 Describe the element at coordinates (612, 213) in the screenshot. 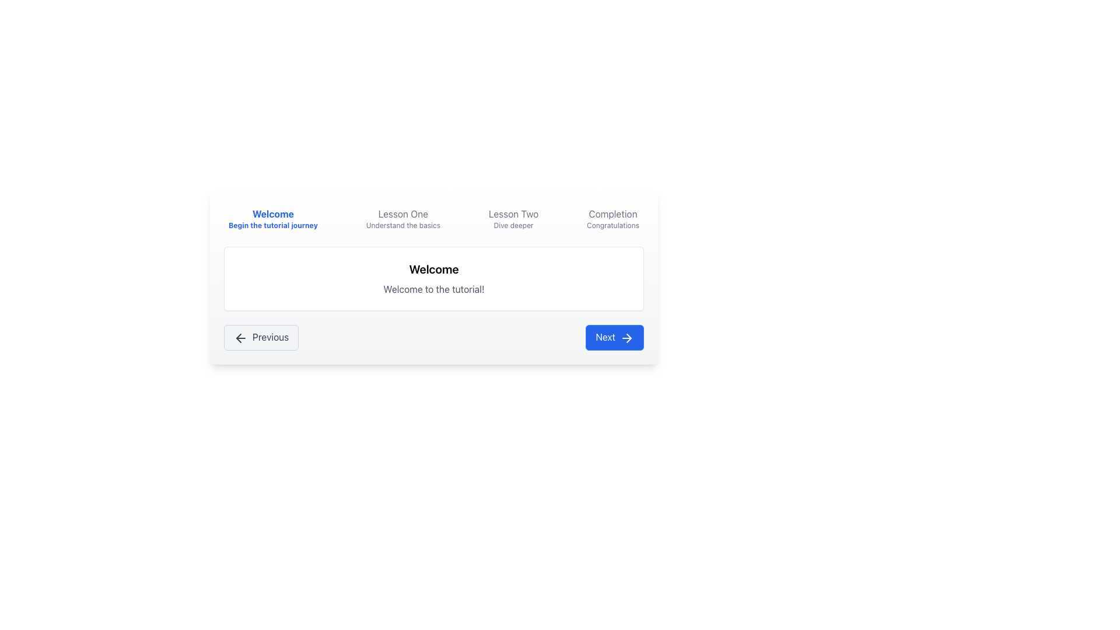

I see `the 'Completion' label, which is a subdued gray text label located at the far-right position among the text headers in the row near the top of the interface` at that location.